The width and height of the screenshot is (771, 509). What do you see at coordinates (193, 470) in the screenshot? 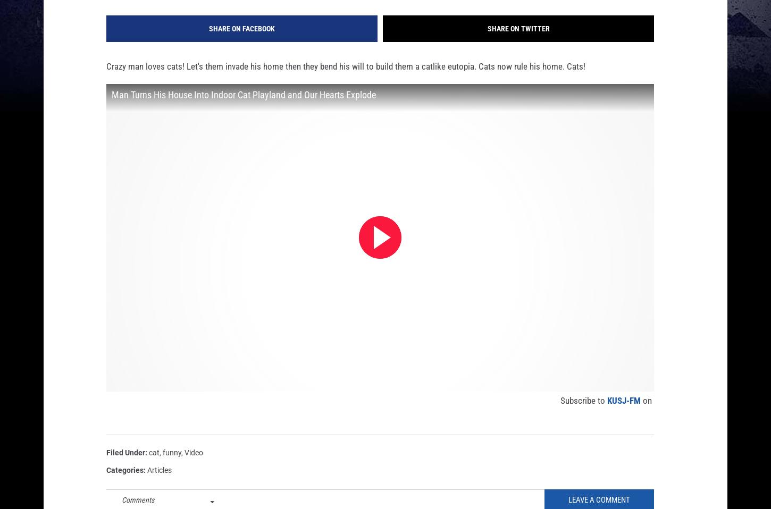
I see `'Video'` at bounding box center [193, 470].